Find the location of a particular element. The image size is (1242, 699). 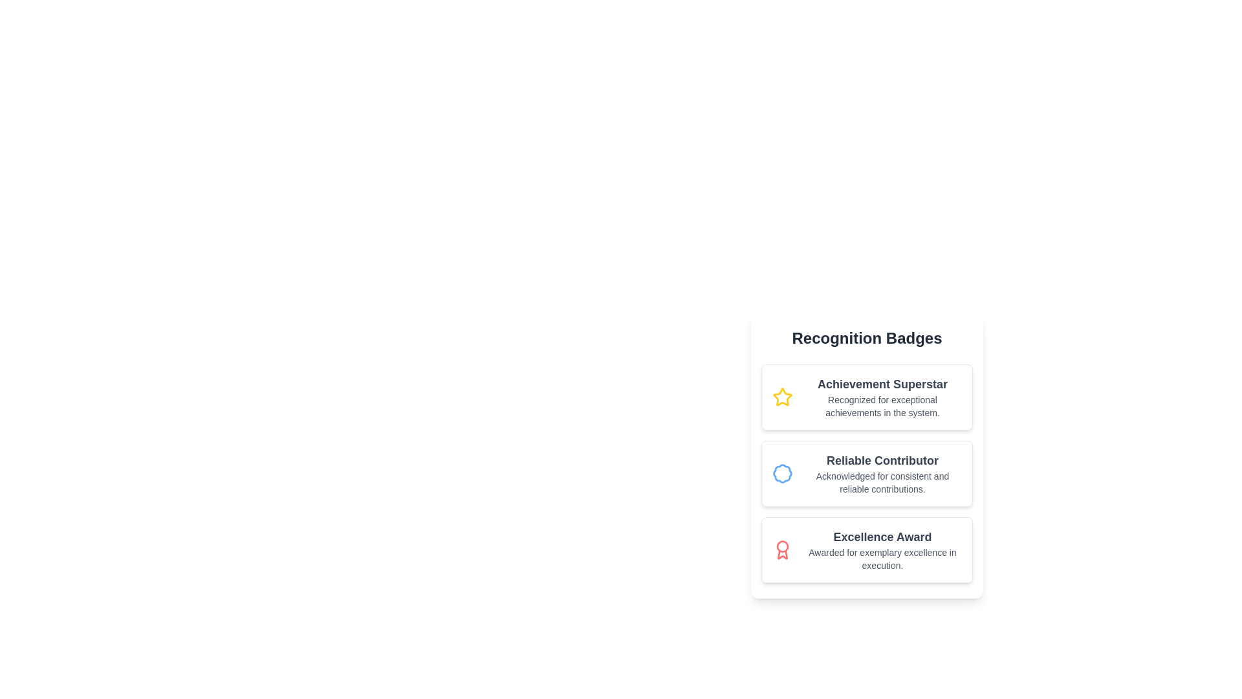

the star-shaped icon, which is filled yellow with a white interior, located next to the 'Achievement Superstar' label in the 'Recognition Badges' section is located at coordinates (781, 396).